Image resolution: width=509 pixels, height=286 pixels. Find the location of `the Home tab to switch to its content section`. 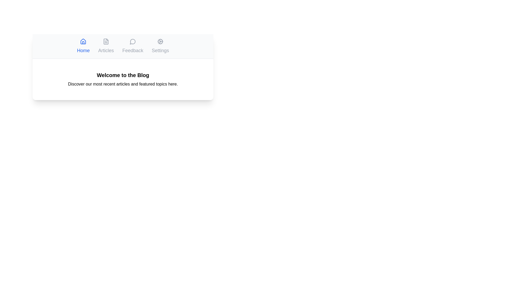

the Home tab to switch to its content section is located at coordinates (83, 46).